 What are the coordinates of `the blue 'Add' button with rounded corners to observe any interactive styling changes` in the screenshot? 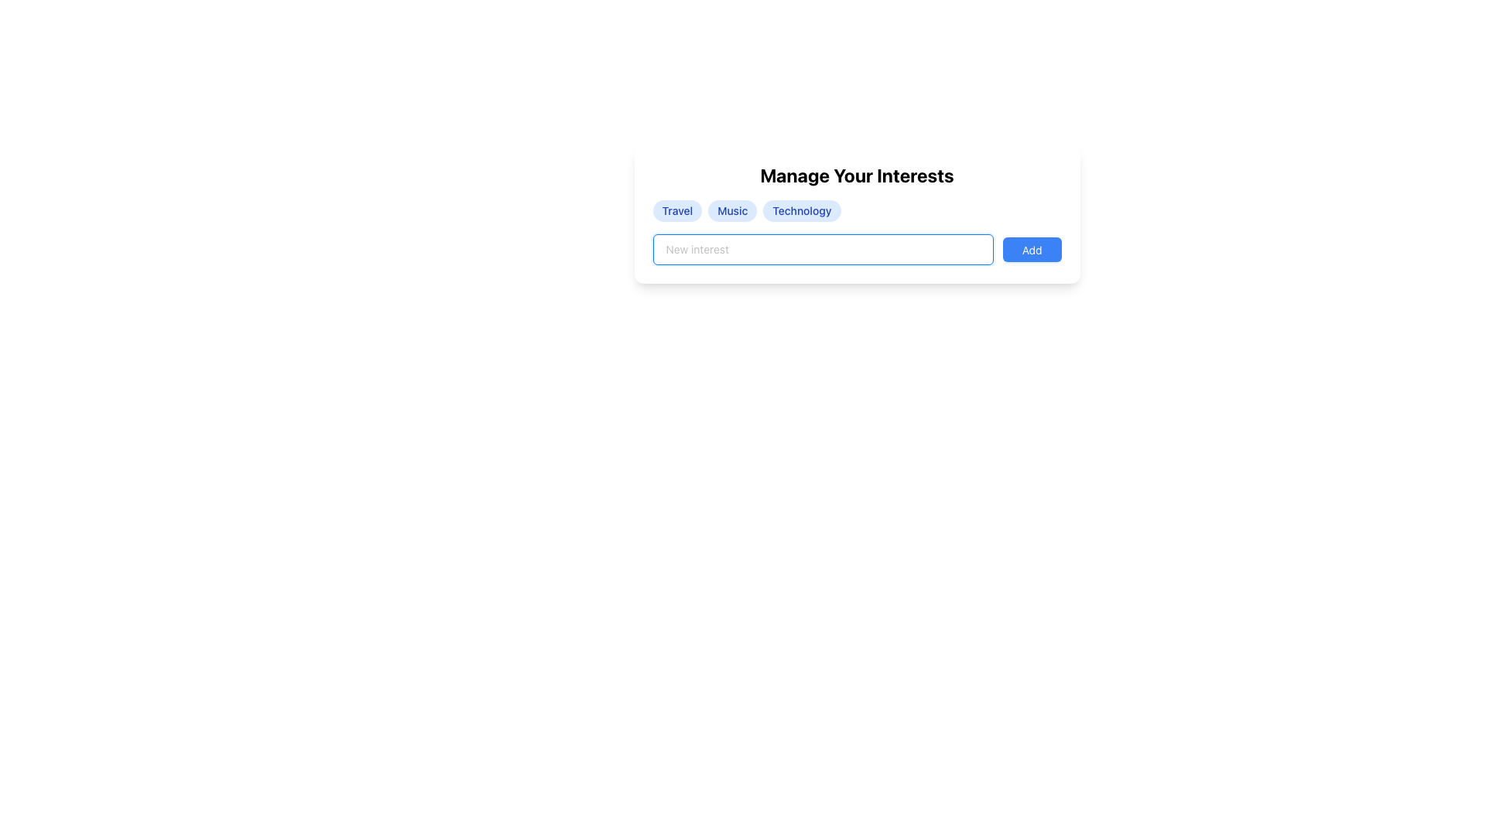 It's located at (1032, 249).